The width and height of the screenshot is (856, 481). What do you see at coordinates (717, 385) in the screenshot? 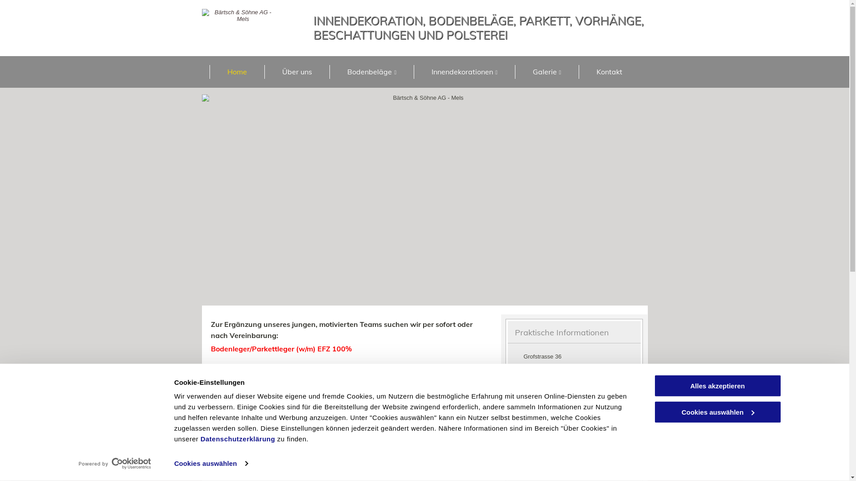
I see `'Alles akzeptieren'` at bounding box center [717, 385].